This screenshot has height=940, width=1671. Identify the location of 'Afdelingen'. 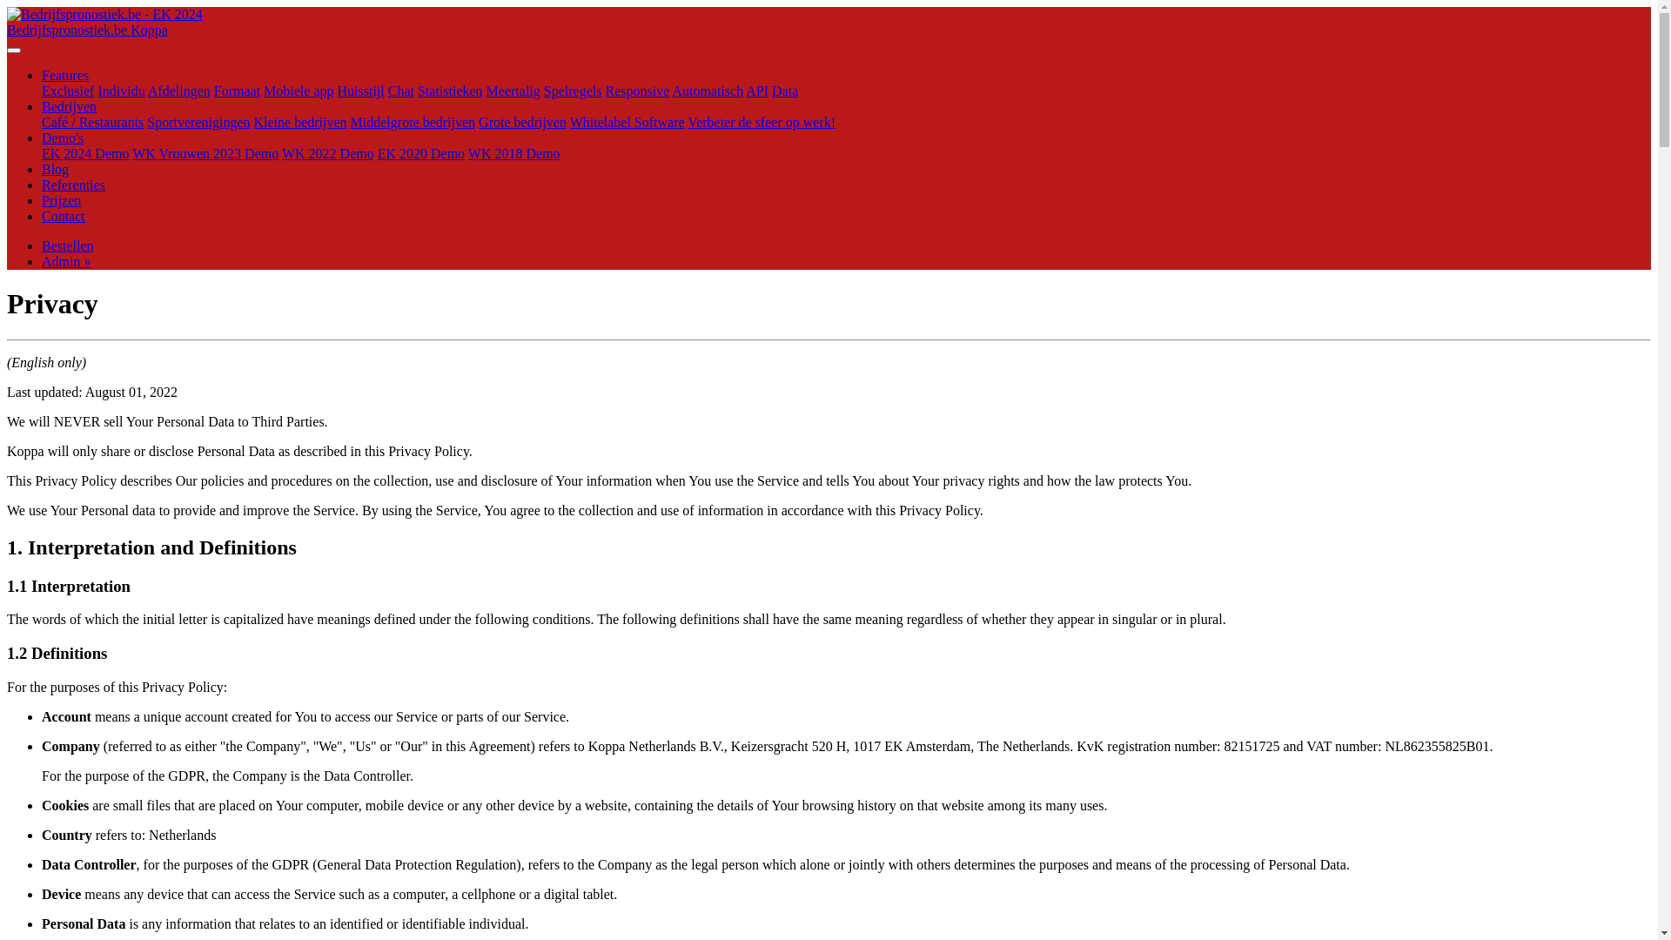
(147, 91).